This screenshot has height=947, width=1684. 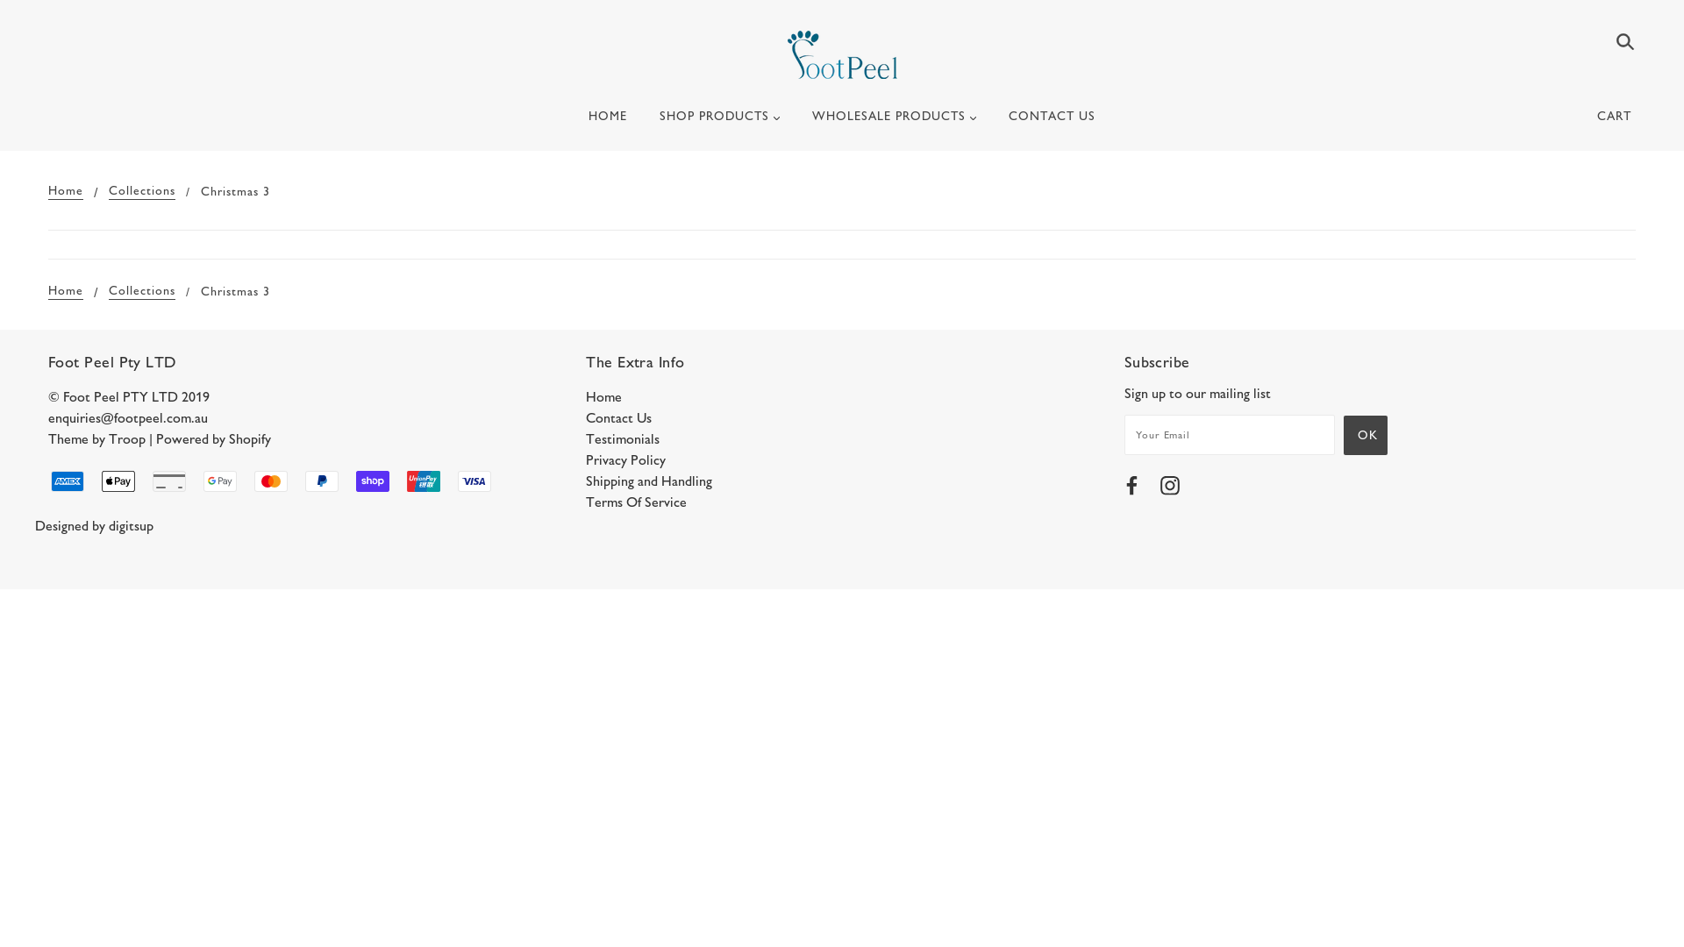 I want to click on 'Collections', so click(x=142, y=290).